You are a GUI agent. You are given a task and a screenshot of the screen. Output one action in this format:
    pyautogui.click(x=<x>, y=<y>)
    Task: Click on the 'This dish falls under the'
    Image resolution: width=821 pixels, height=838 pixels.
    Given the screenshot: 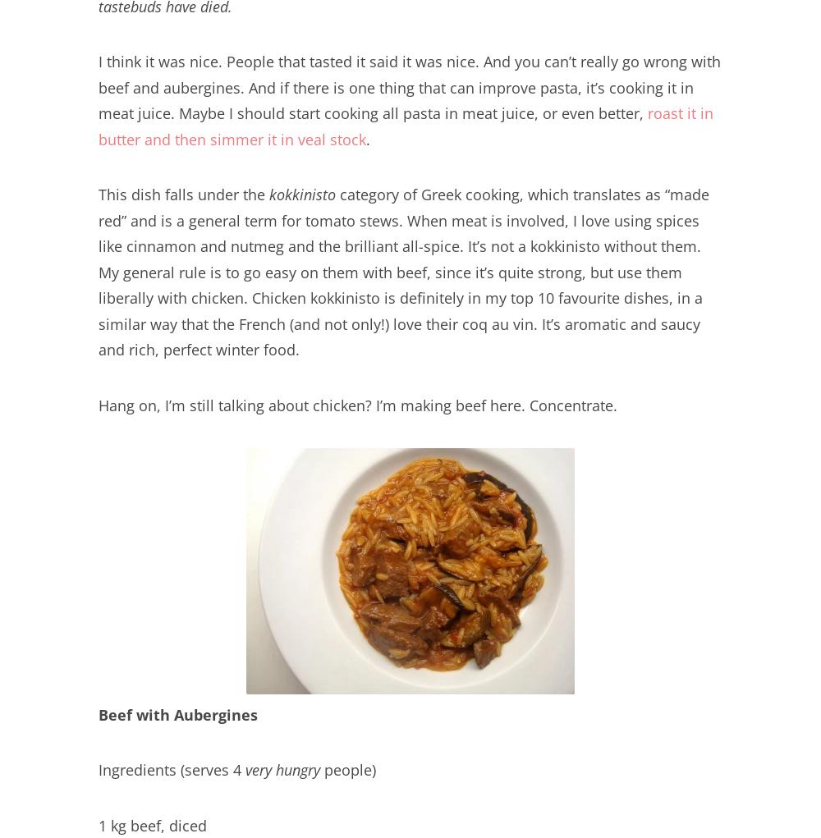 What is the action you would take?
    pyautogui.click(x=183, y=193)
    